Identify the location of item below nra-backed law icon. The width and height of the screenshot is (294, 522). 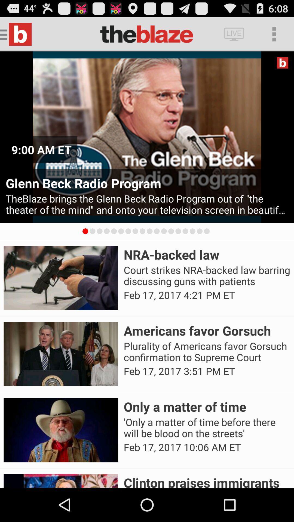
(207, 276).